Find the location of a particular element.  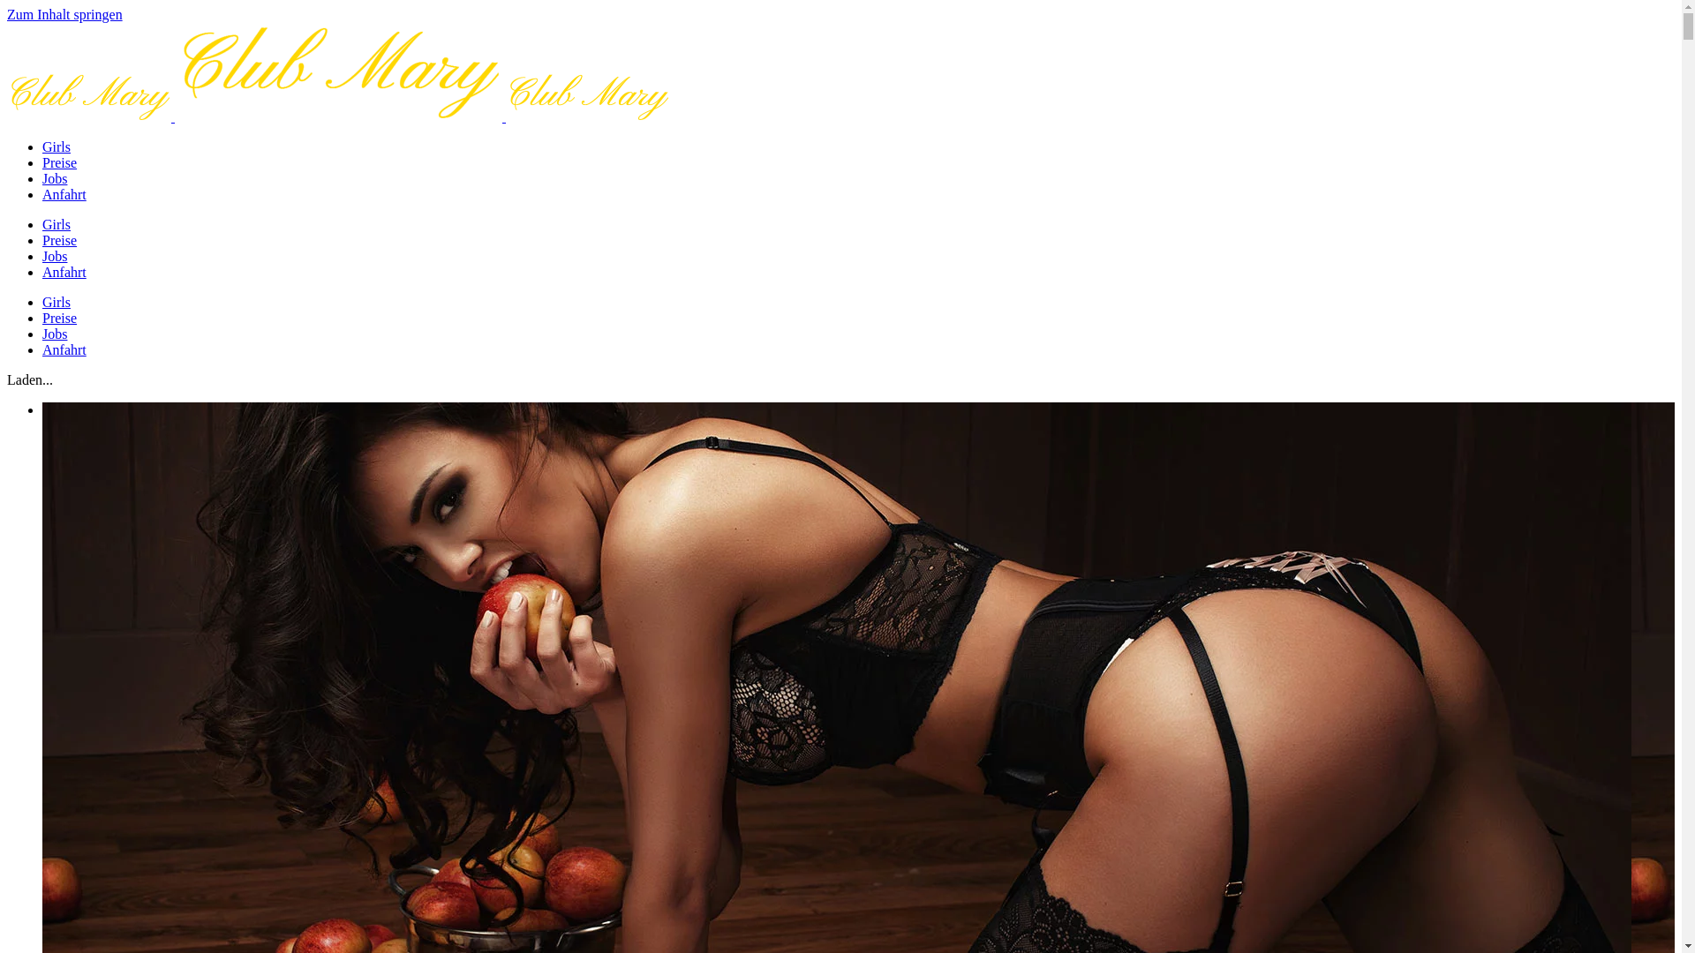

'Anfahrt' is located at coordinates (64, 194).